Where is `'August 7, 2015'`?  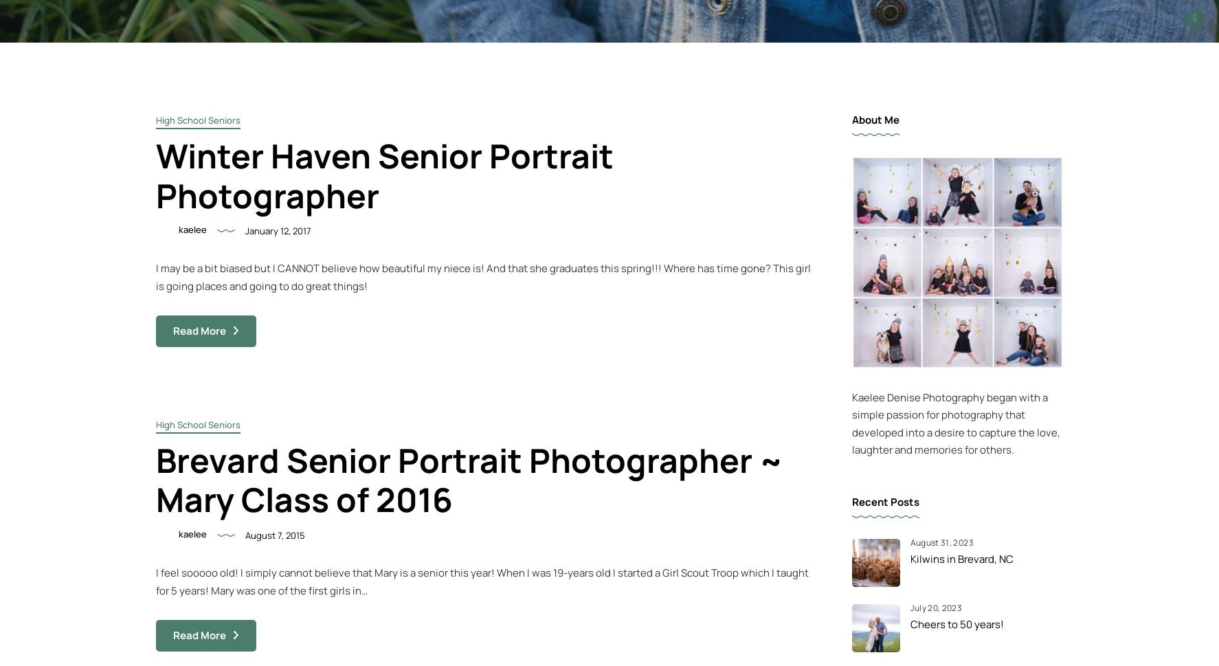
'August 7, 2015' is located at coordinates (274, 534).